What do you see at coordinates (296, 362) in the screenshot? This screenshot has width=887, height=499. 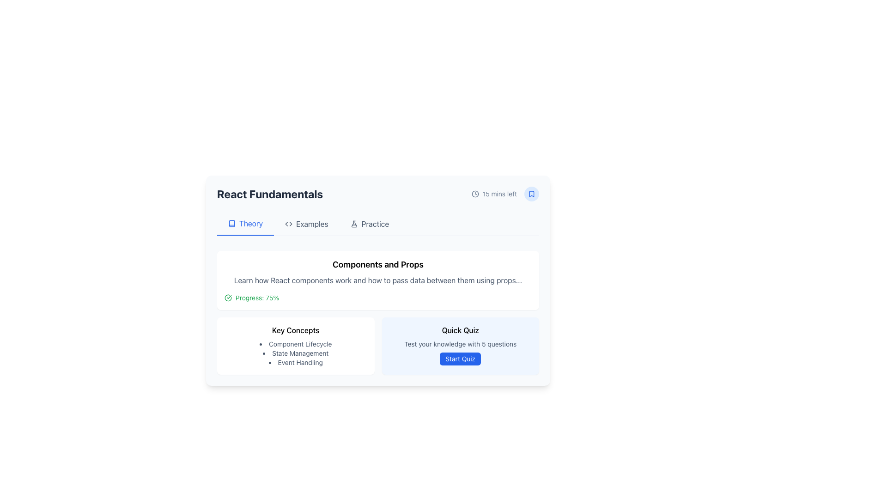 I see `the third text item in the vertical bullet list under the 'Key Concepts' section related to React development` at bounding box center [296, 362].